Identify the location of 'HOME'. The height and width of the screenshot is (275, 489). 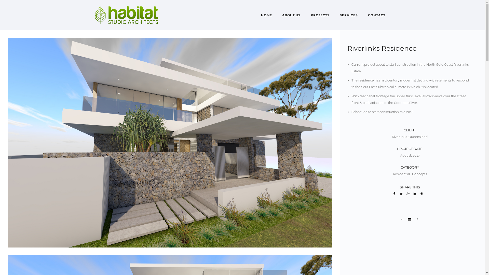
(266, 15).